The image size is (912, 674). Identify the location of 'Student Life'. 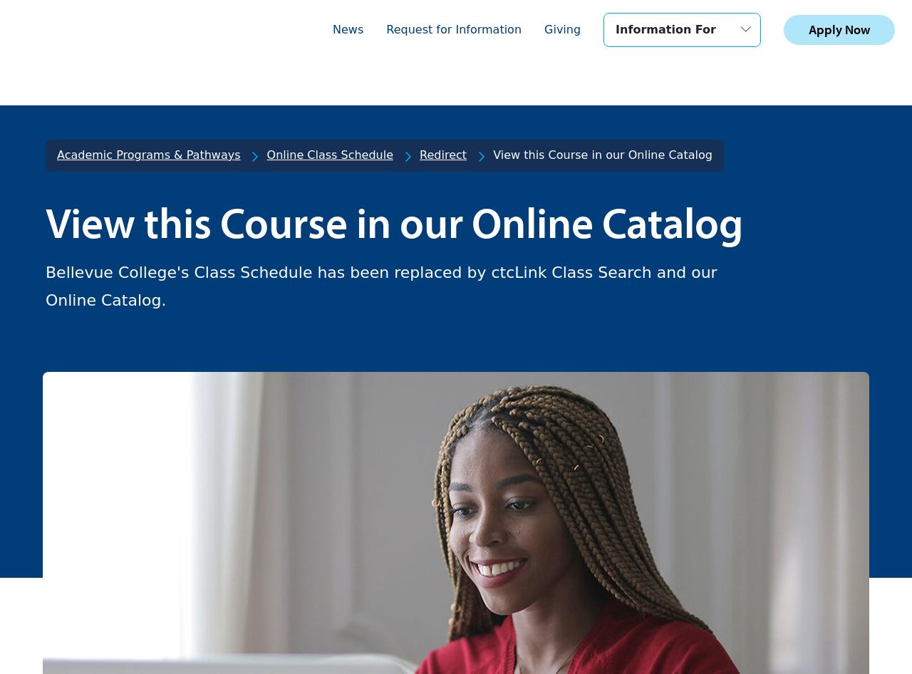
(110, 586).